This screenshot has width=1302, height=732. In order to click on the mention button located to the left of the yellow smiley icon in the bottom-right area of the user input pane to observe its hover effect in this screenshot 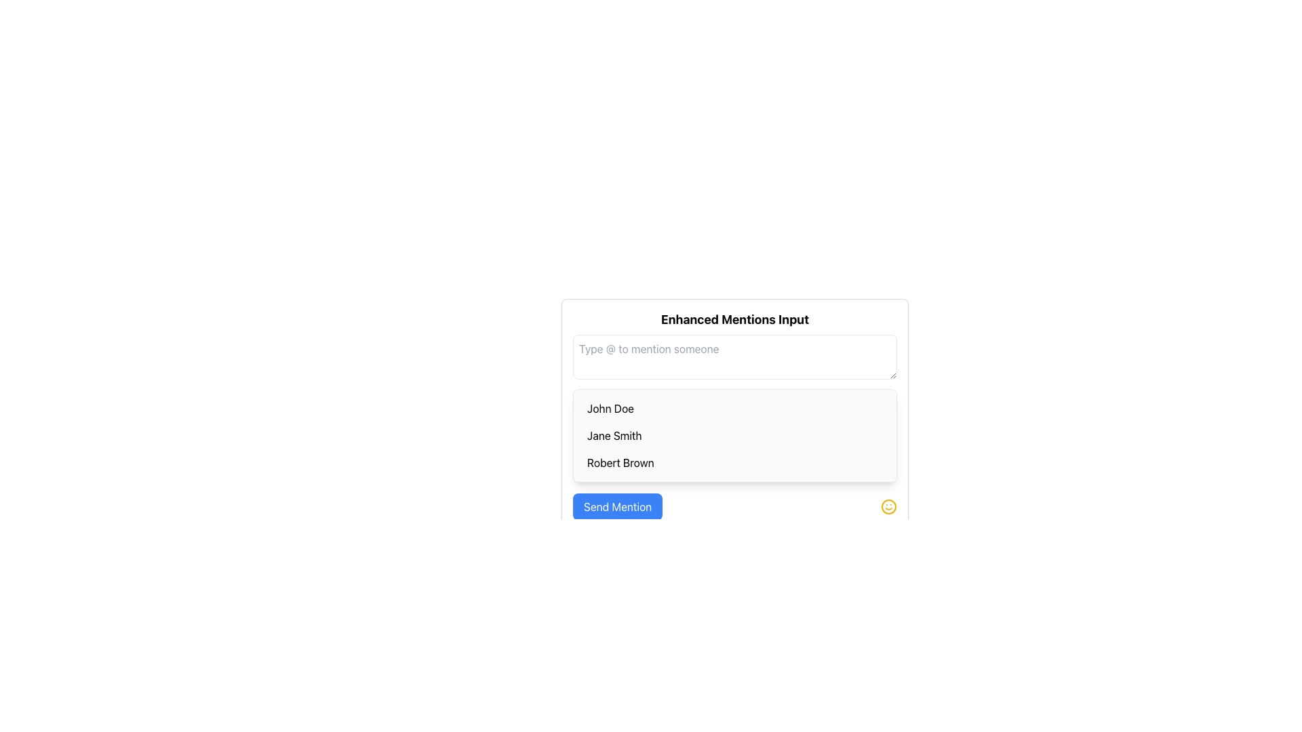, I will do `click(617, 507)`.